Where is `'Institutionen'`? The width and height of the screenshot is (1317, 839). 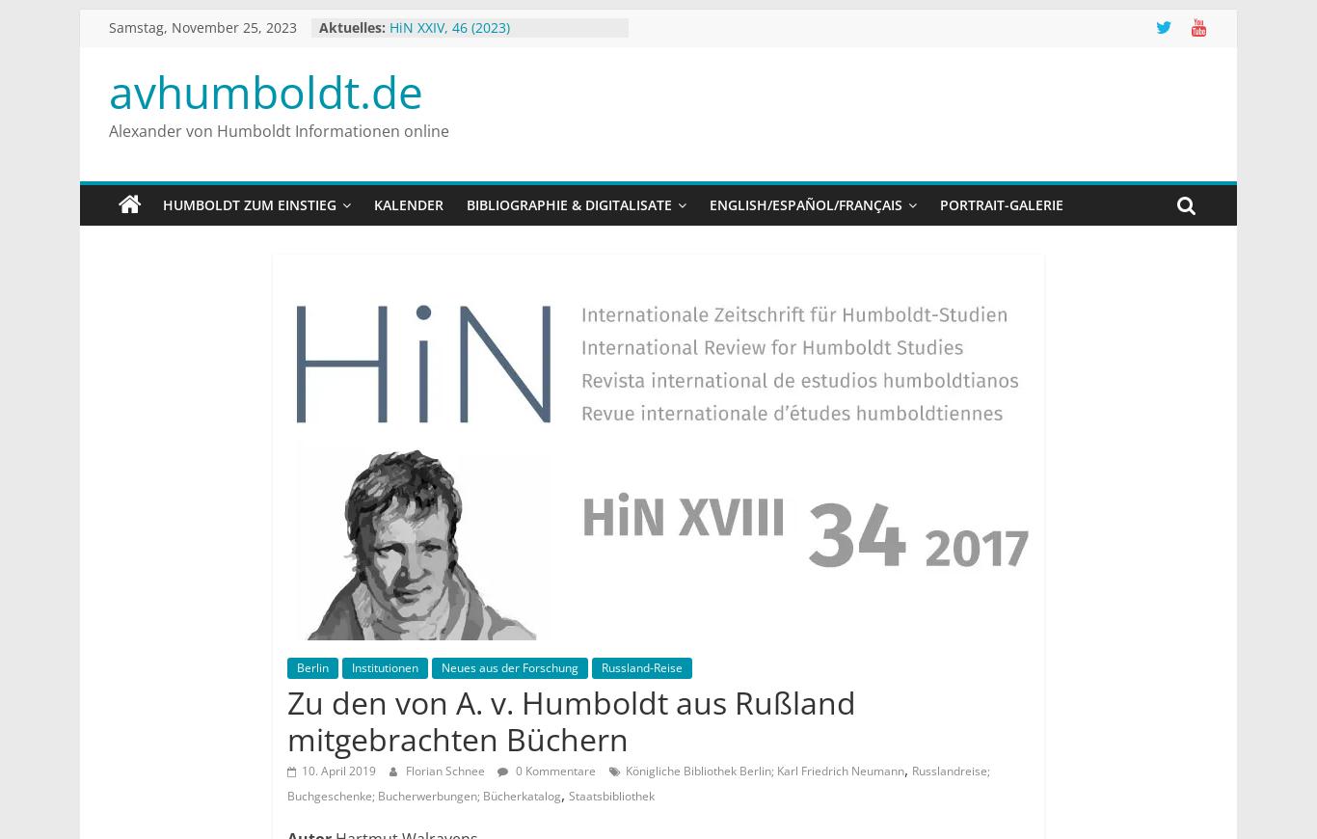 'Institutionen' is located at coordinates (350, 666).